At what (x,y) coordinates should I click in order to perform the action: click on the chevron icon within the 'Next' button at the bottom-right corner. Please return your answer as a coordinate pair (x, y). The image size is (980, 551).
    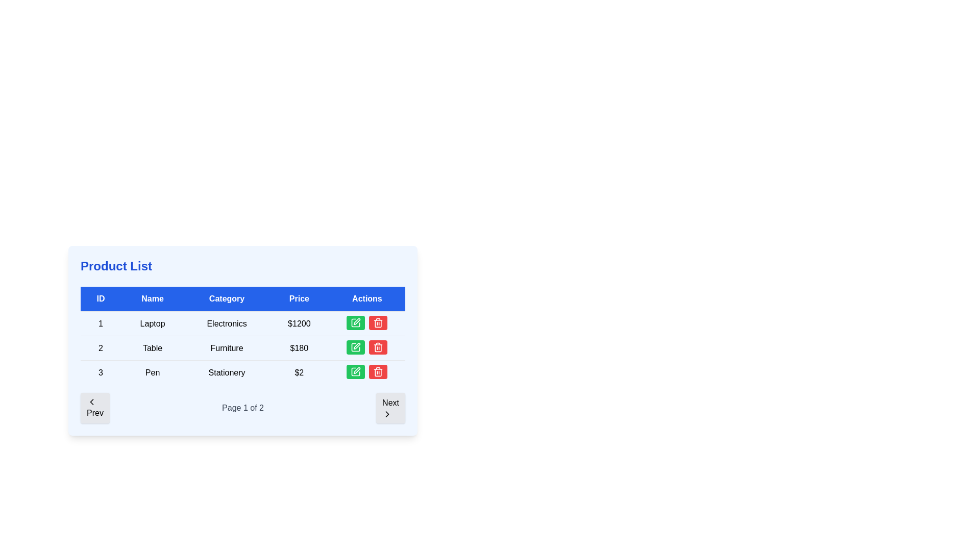
    Looking at the image, I should click on (387, 414).